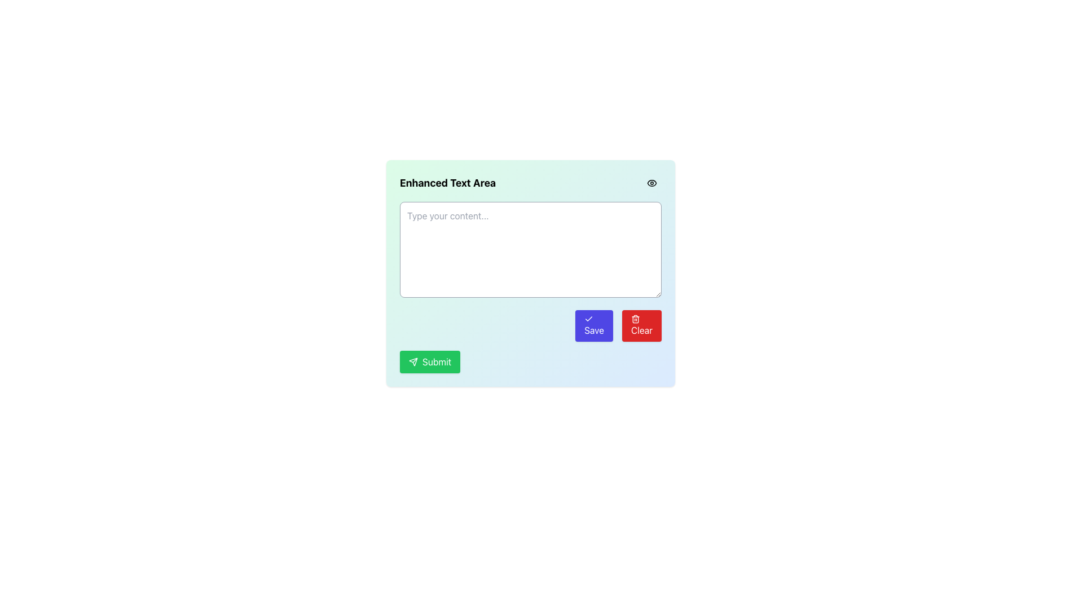 Image resolution: width=1083 pixels, height=609 pixels. What do you see at coordinates (413, 361) in the screenshot?
I see `the submit button which features a triangular icon resembling a paper airplane, located at the bottom-left of the interface panel` at bounding box center [413, 361].